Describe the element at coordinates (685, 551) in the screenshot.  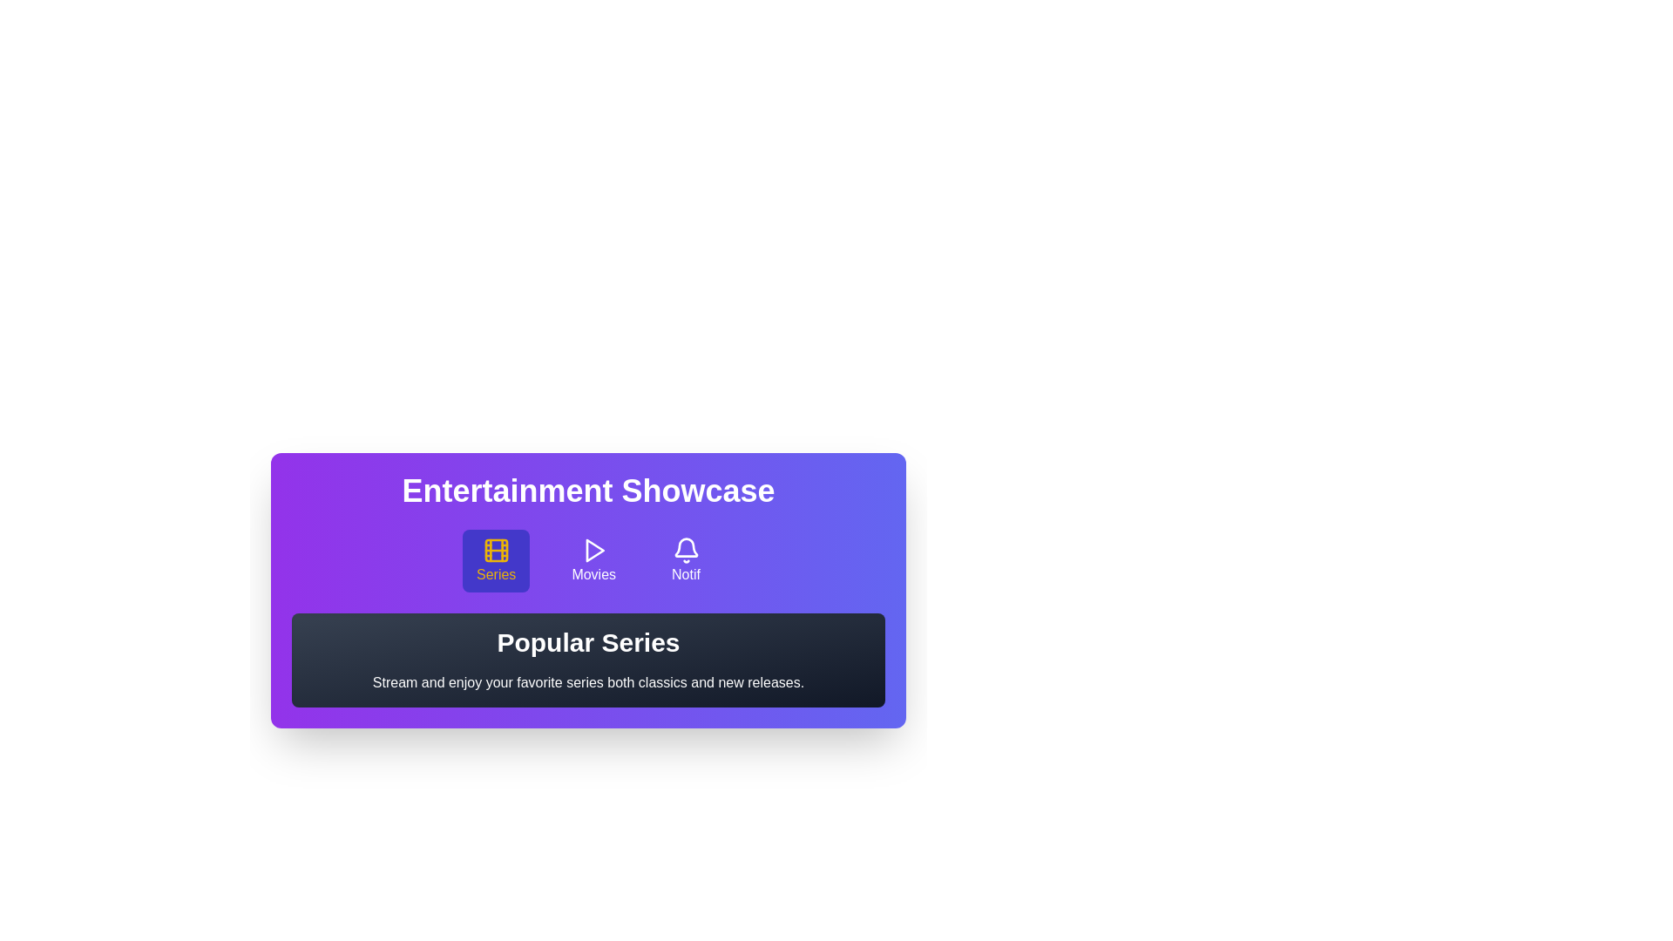
I see `the bell icon on the rightmost side of the 'Entertainment Showcase' section` at that location.